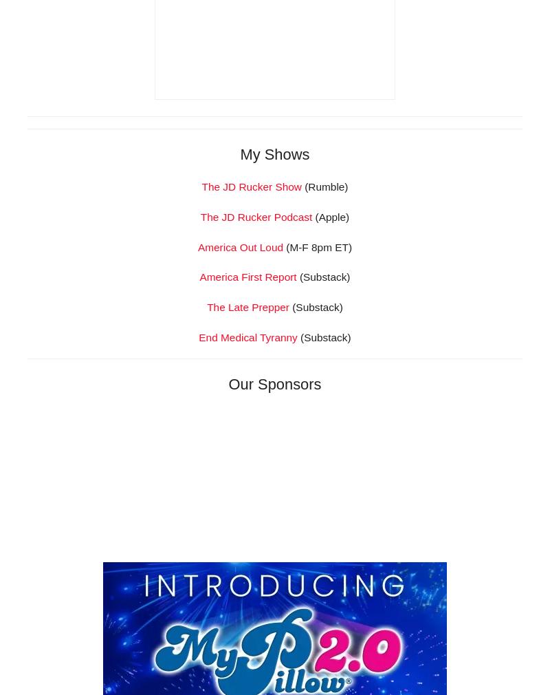 This screenshot has width=550, height=695. I want to click on '(Apple)', so click(331, 409).